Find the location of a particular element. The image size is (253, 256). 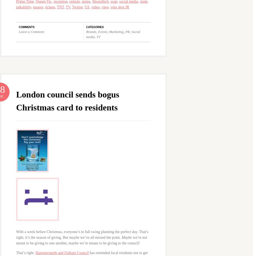

'video' is located at coordinates (91, 7).